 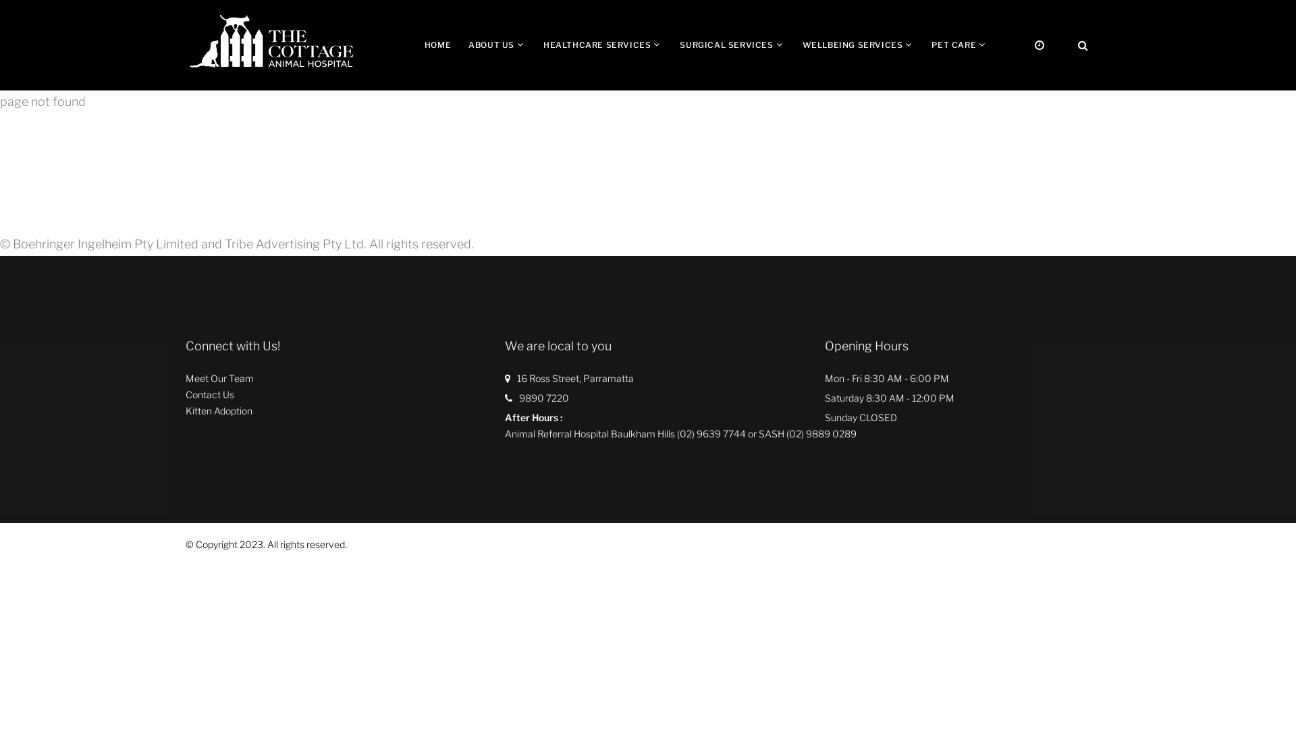 I want to click on 'ABOUT US', so click(x=491, y=44).